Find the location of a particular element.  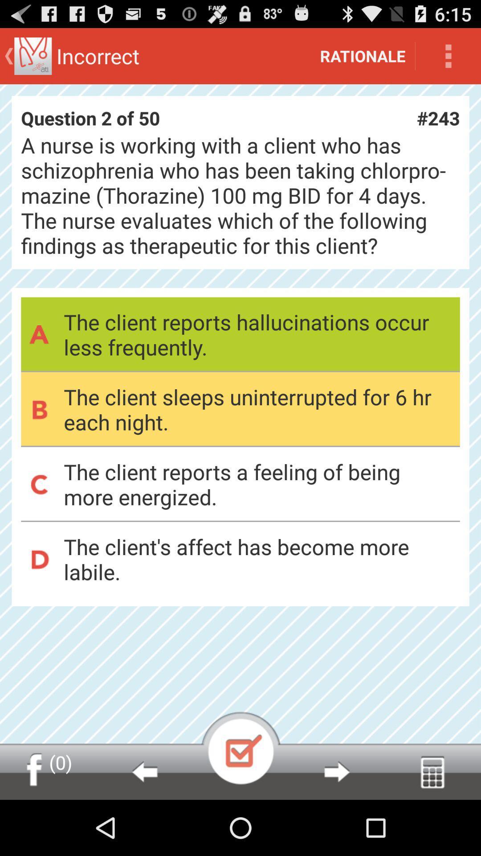

previous option is located at coordinates (144, 771).